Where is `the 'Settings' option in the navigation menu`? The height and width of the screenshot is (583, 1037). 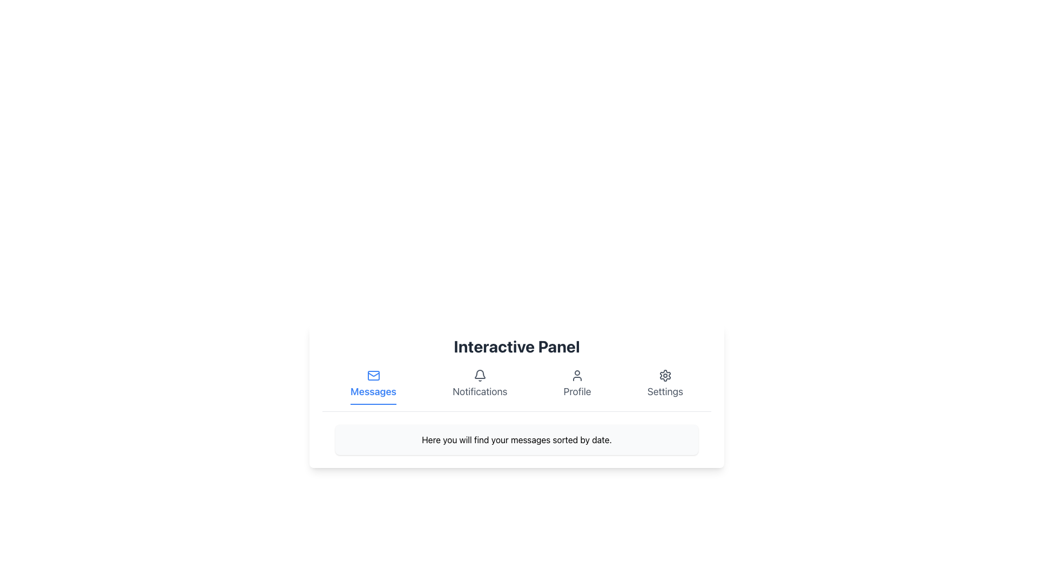
the 'Settings' option in the navigation menu is located at coordinates (664, 387).